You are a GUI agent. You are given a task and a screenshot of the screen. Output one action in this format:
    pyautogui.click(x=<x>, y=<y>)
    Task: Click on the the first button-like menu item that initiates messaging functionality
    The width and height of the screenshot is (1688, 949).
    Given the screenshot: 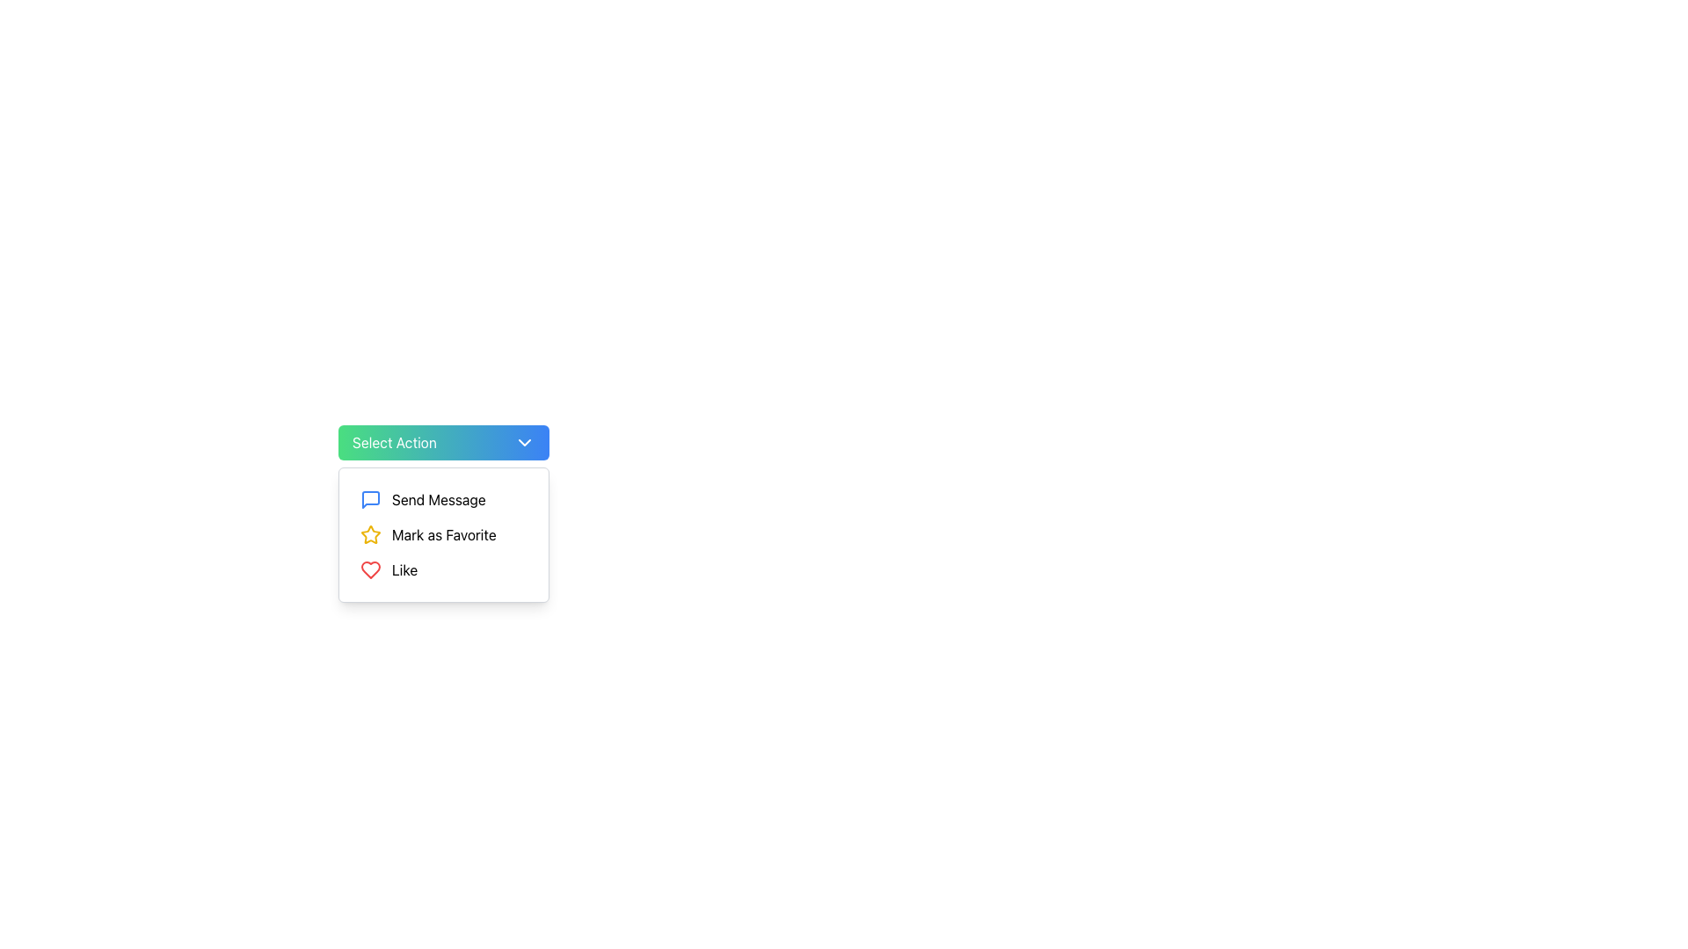 What is the action you would take?
    pyautogui.click(x=443, y=500)
    